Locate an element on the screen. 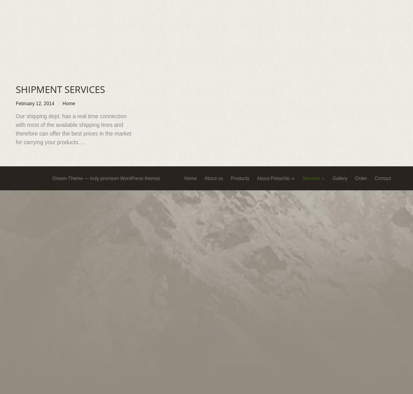 The height and width of the screenshot is (394, 413). 'Contact' is located at coordinates (382, 178).